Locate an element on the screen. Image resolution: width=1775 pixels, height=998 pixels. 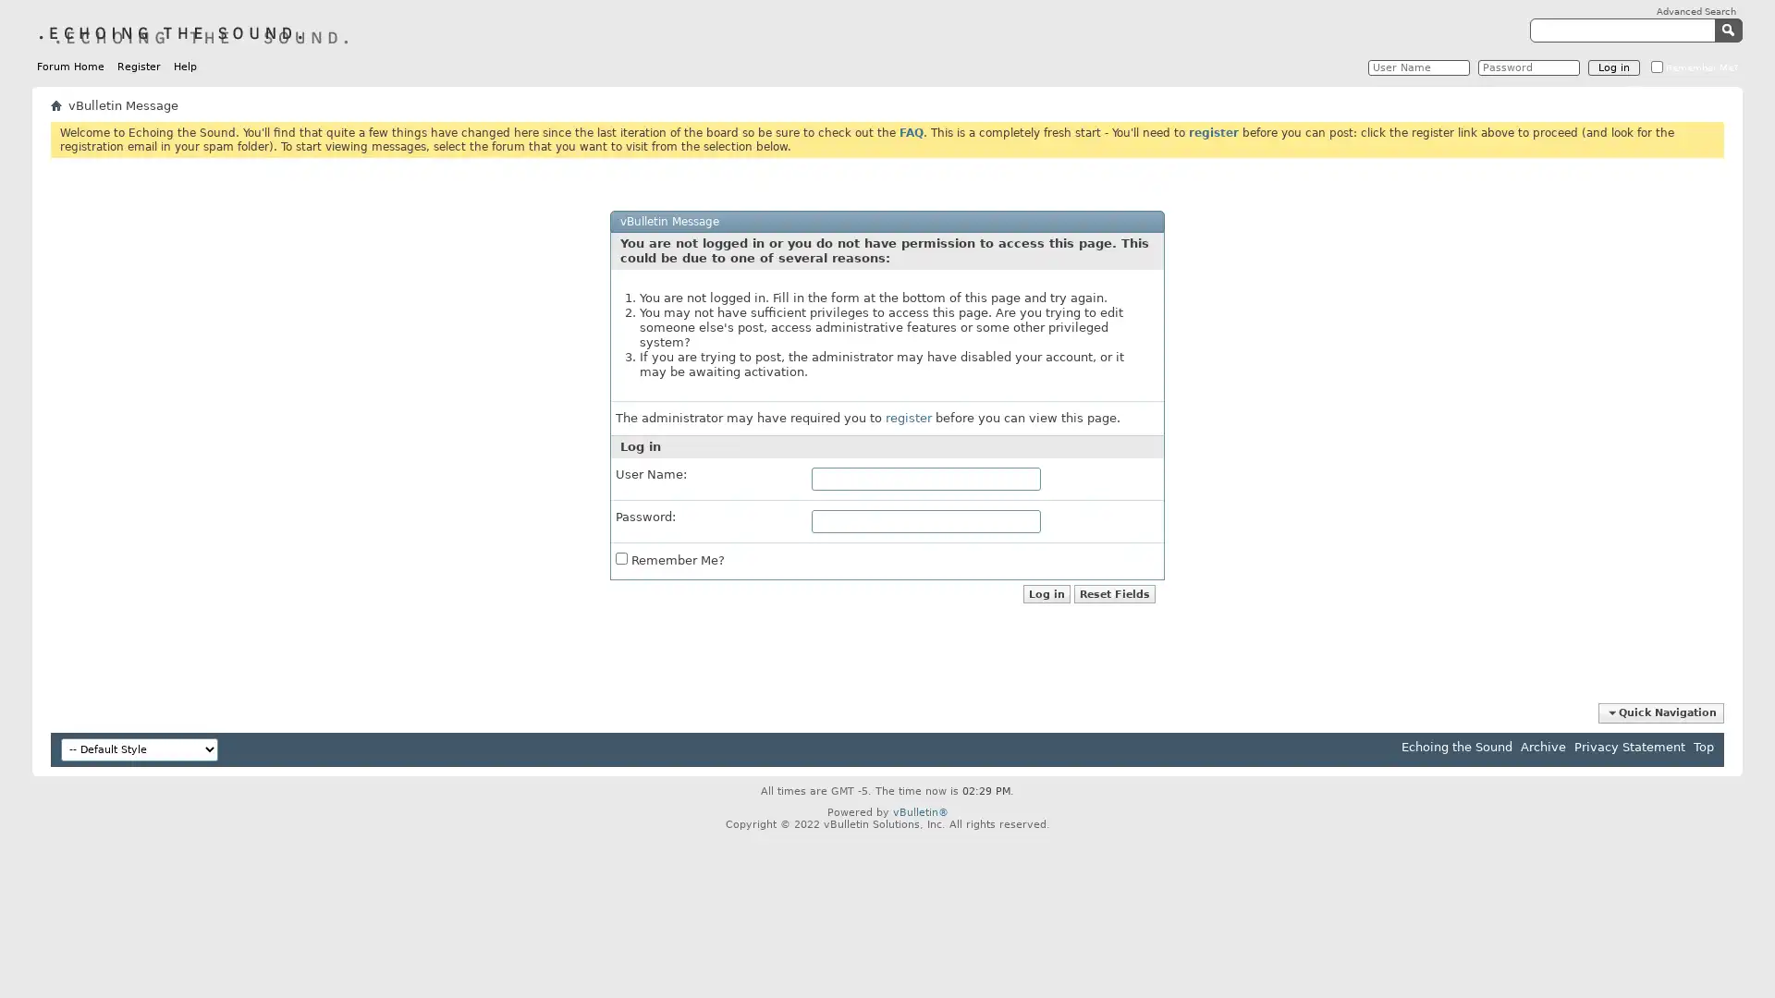
Log in is located at coordinates (1047, 594).